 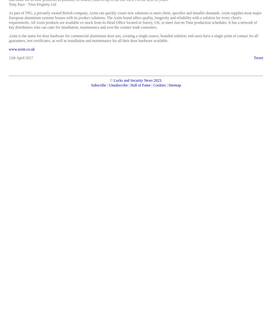 I want to click on 'Tony Pace - Trios Property Ltd', so click(x=32, y=4).